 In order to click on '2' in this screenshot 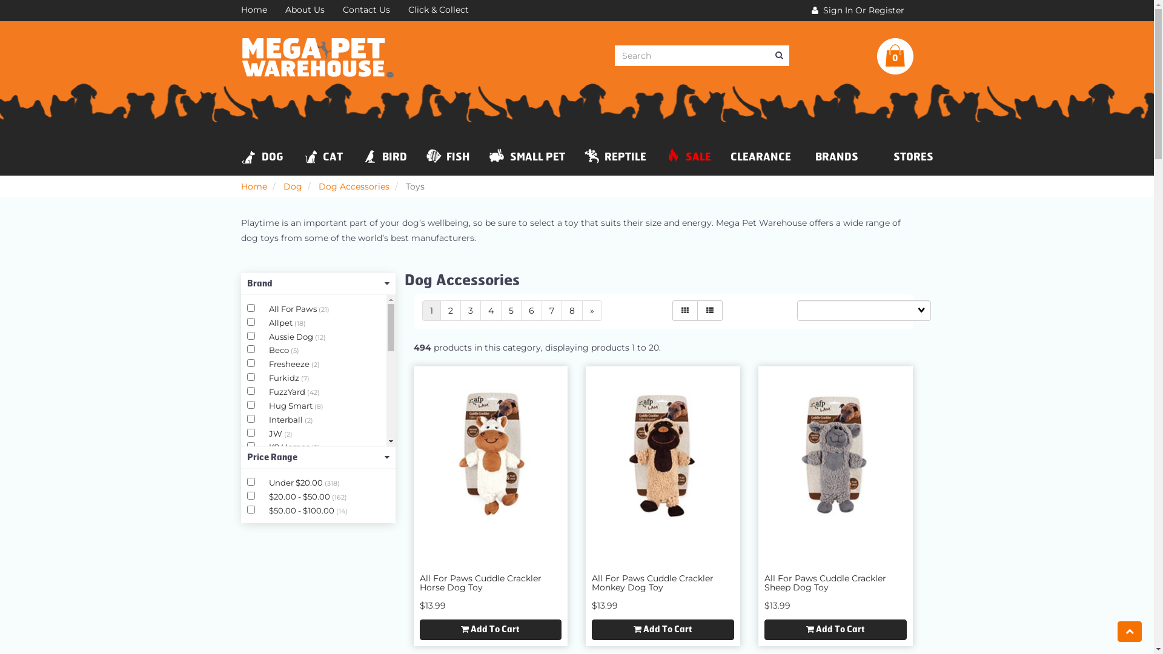, I will do `click(449, 310)`.